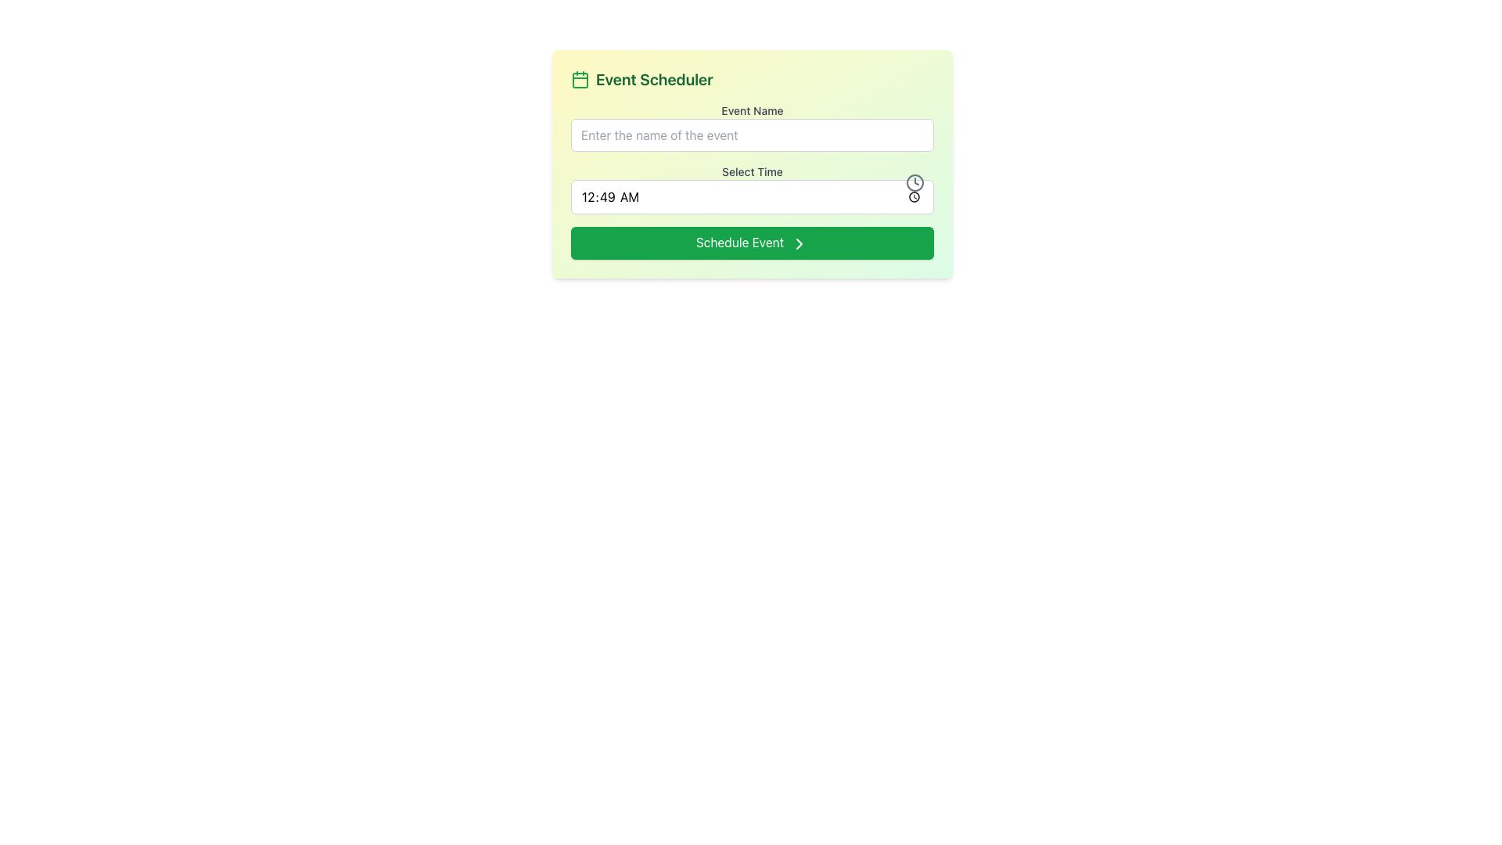 The width and height of the screenshot is (1502, 845). What do you see at coordinates (800, 243) in the screenshot?
I see `the chevron icon on the 'Schedule Event' button to initiate the scheduling action` at bounding box center [800, 243].